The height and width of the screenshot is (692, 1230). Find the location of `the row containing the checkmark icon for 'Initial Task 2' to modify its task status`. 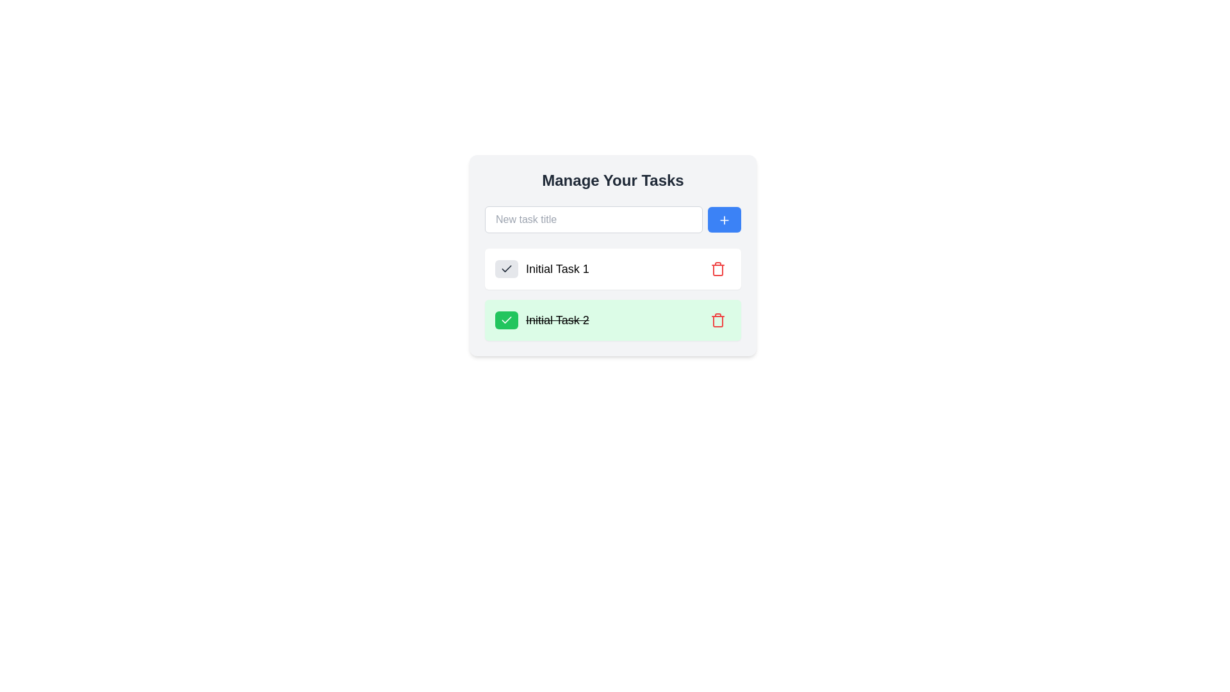

the row containing the checkmark icon for 'Initial Task 2' to modify its task status is located at coordinates (506, 318).